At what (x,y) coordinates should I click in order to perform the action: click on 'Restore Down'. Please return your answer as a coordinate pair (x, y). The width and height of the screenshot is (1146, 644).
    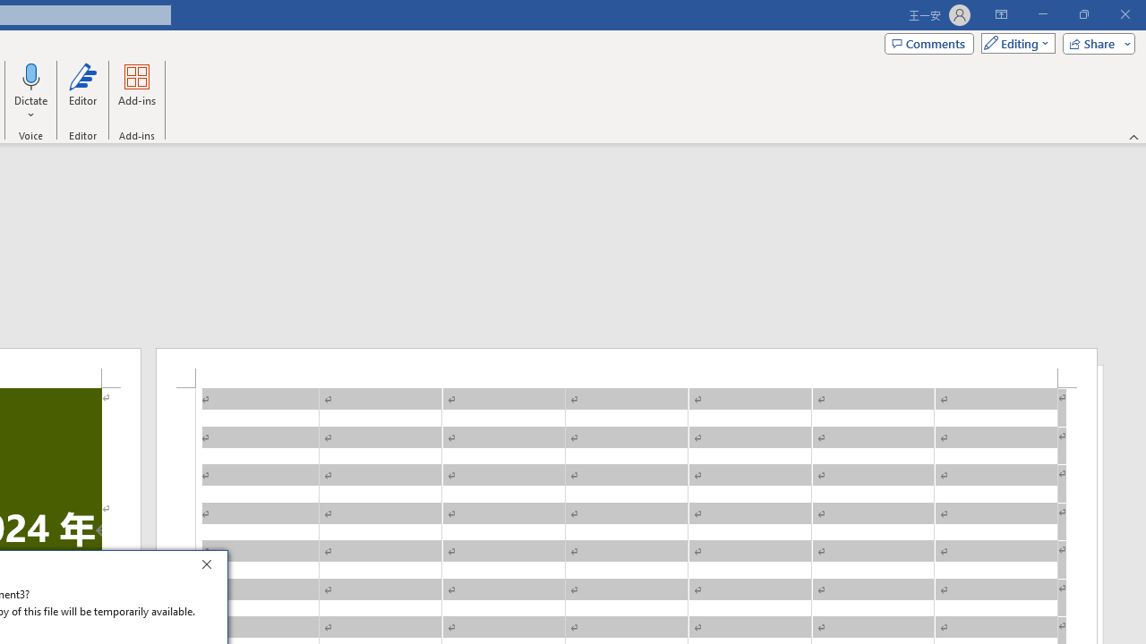
    Looking at the image, I should click on (1082, 14).